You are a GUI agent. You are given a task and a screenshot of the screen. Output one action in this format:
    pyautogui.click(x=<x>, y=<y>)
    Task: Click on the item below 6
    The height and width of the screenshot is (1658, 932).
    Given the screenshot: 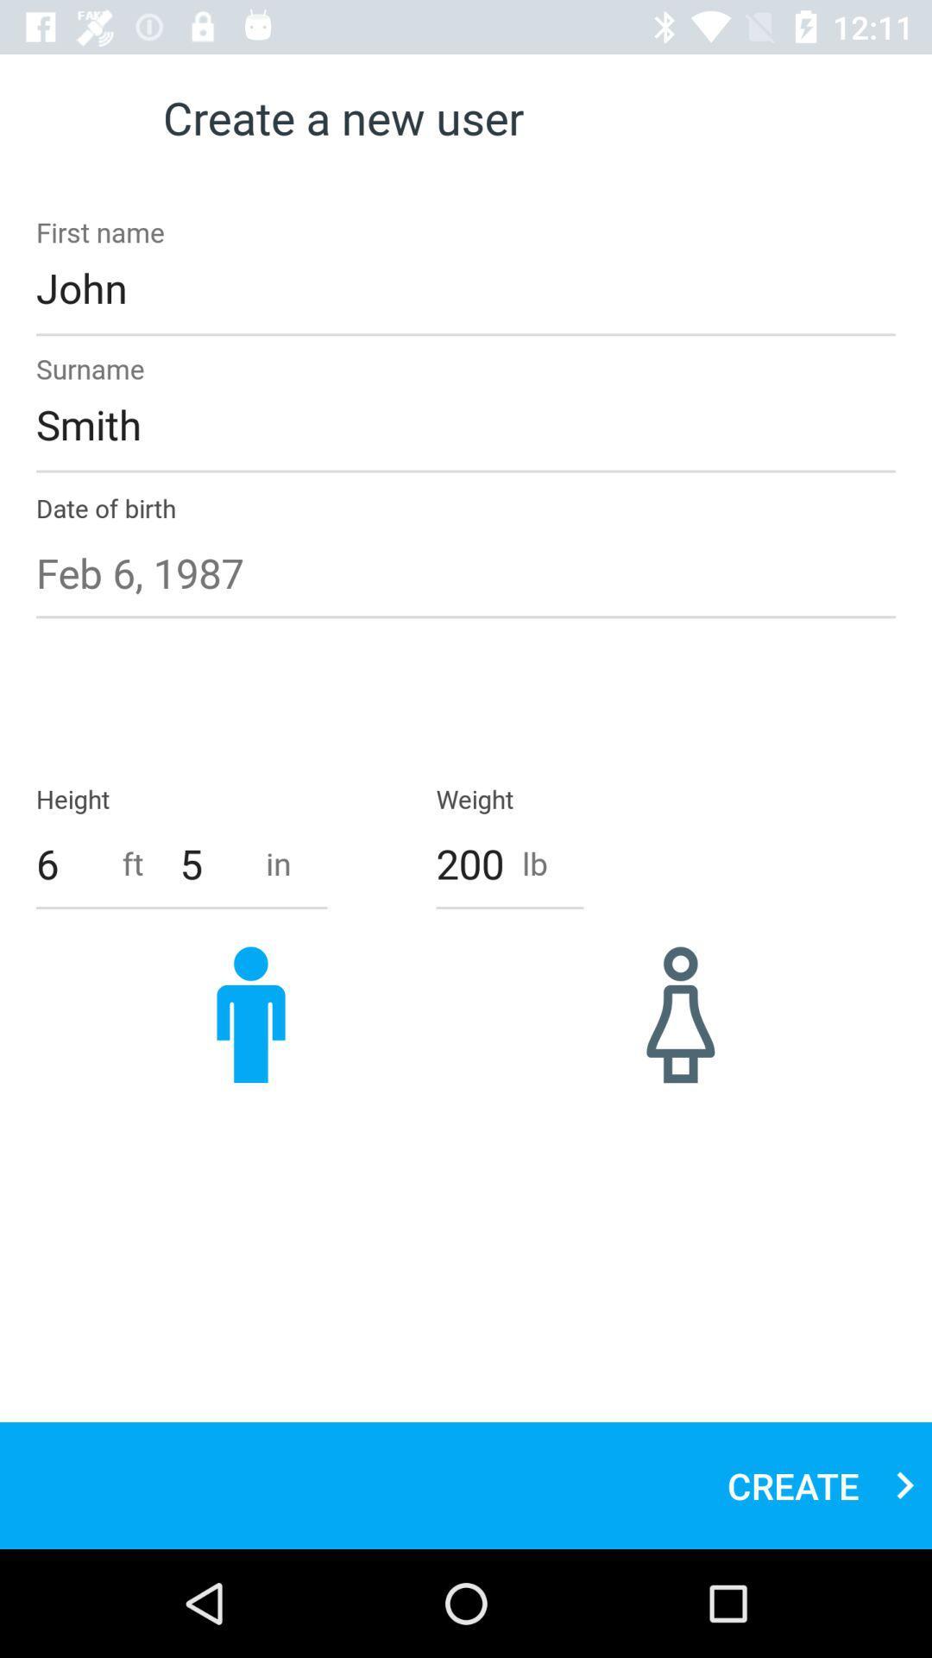 What is the action you would take?
    pyautogui.click(x=250, y=1014)
    